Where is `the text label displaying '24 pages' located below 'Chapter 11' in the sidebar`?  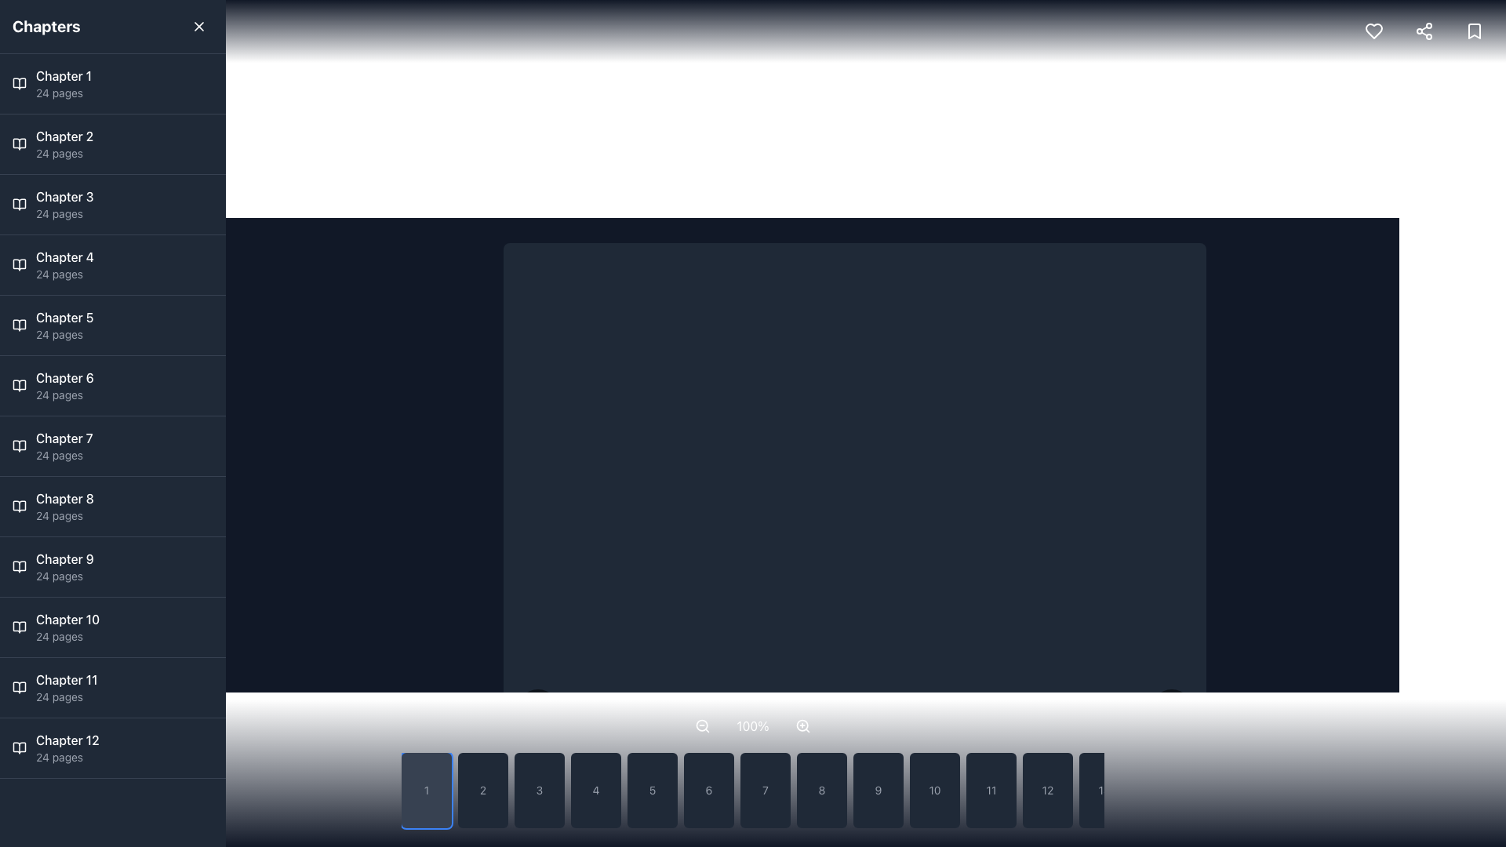
the text label displaying '24 pages' located below 'Chapter 11' in the sidebar is located at coordinates (66, 696).